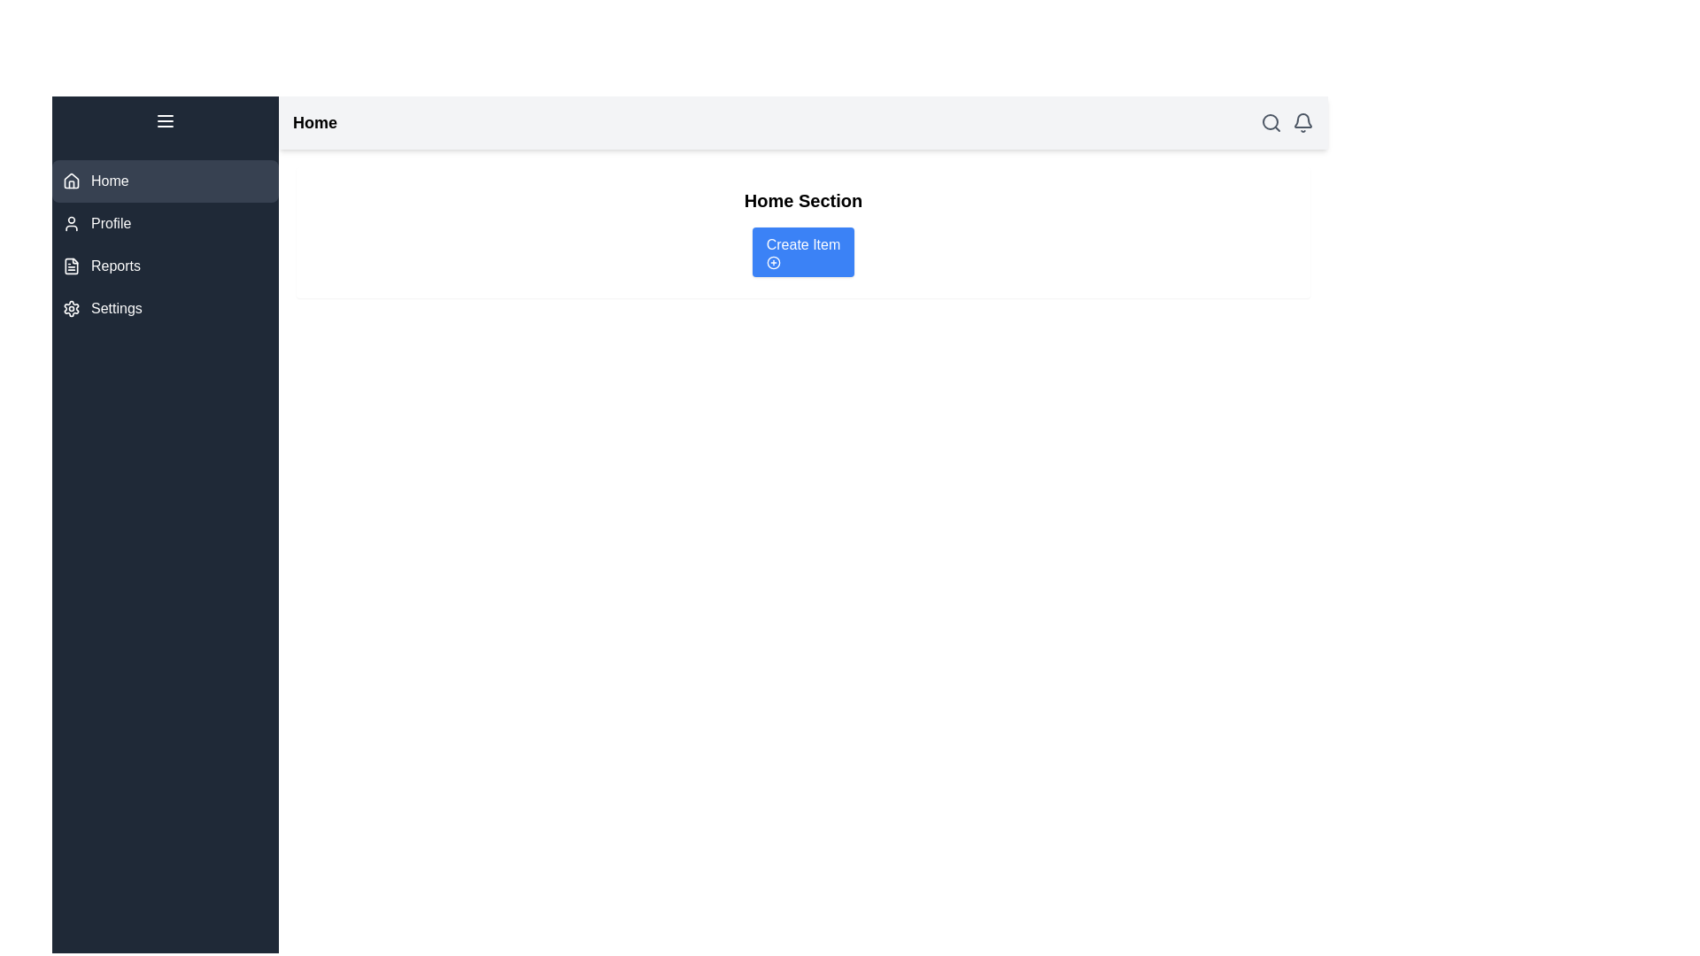  I want to click on the circular plus icon inside the 'Create Item' button, so click(773, 263).